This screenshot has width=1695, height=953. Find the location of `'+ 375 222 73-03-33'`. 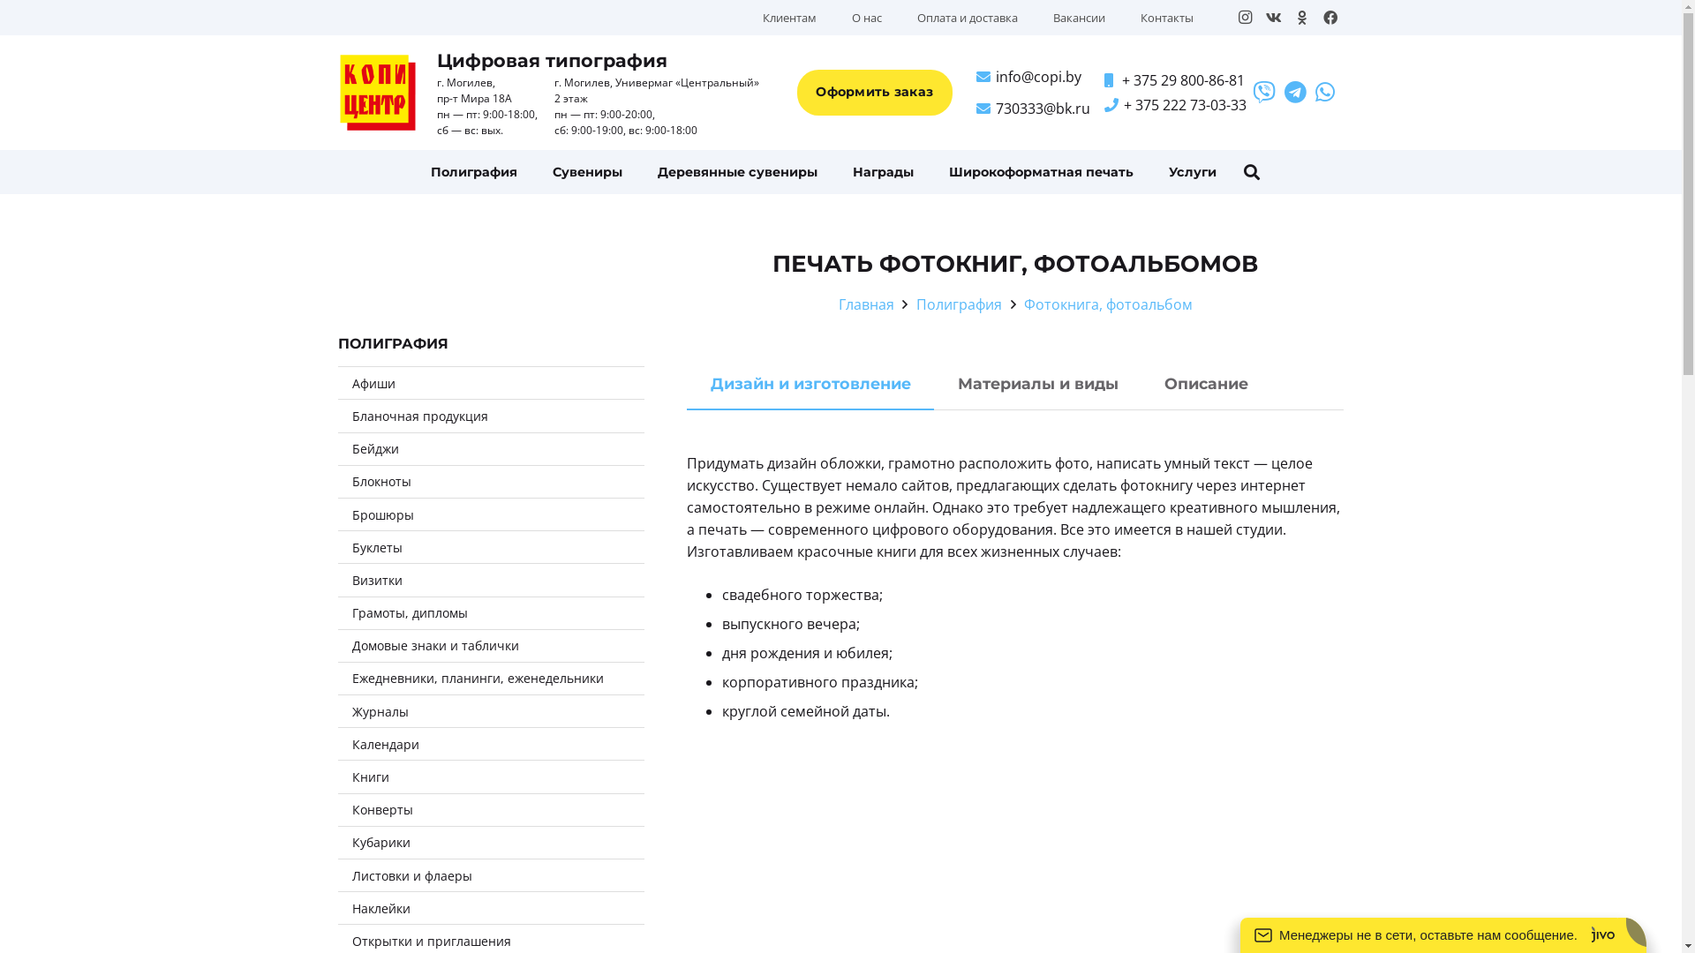

'+ 375 222 73-03-33' is located at coordinates (1104, 105).